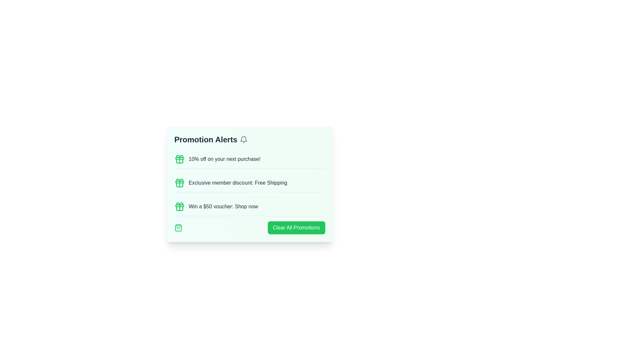  What do you see at coordinates (238, 183) in the screenshot?
I see `the text label that reads 'Exclusive member discount: Free Shipping', located in the second row of the 'Promotion Alerts' section, aligned with the gift box icon` at bounding box center [238, 183].